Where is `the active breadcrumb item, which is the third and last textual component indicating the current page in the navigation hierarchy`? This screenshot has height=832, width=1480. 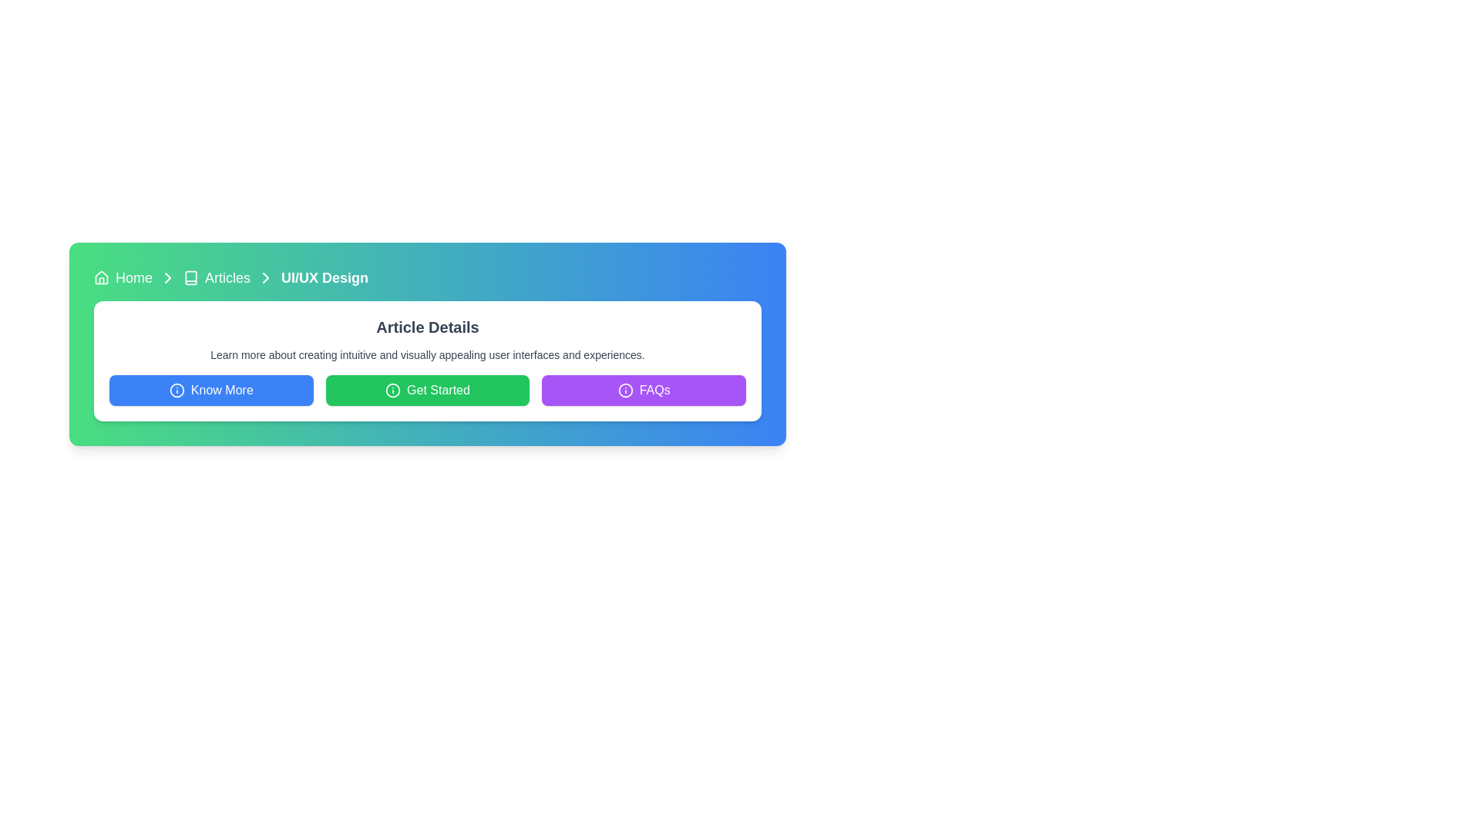 the active breadcrumb item, which is the third and last textual component indicating the current page in the navigation hierarchy is located at coordinates (324, 278).